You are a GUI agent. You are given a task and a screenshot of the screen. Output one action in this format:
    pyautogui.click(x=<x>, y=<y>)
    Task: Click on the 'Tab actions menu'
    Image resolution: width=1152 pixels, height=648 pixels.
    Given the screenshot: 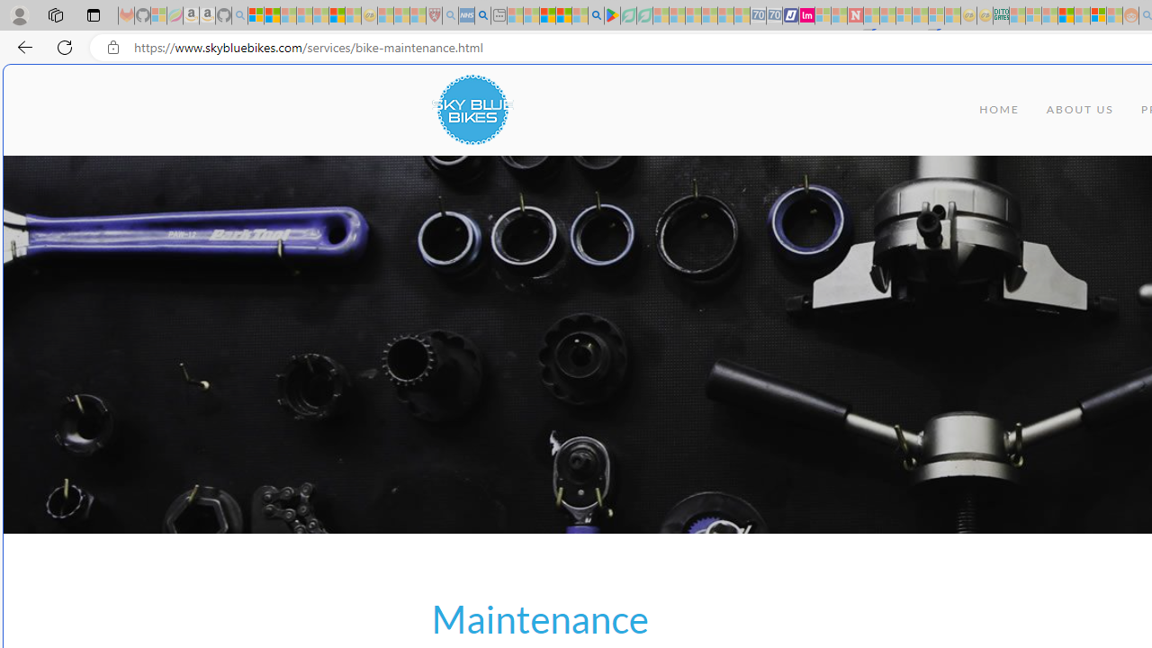 What is the action you would take?
    pyautogui.click(x=93, y=14)
    